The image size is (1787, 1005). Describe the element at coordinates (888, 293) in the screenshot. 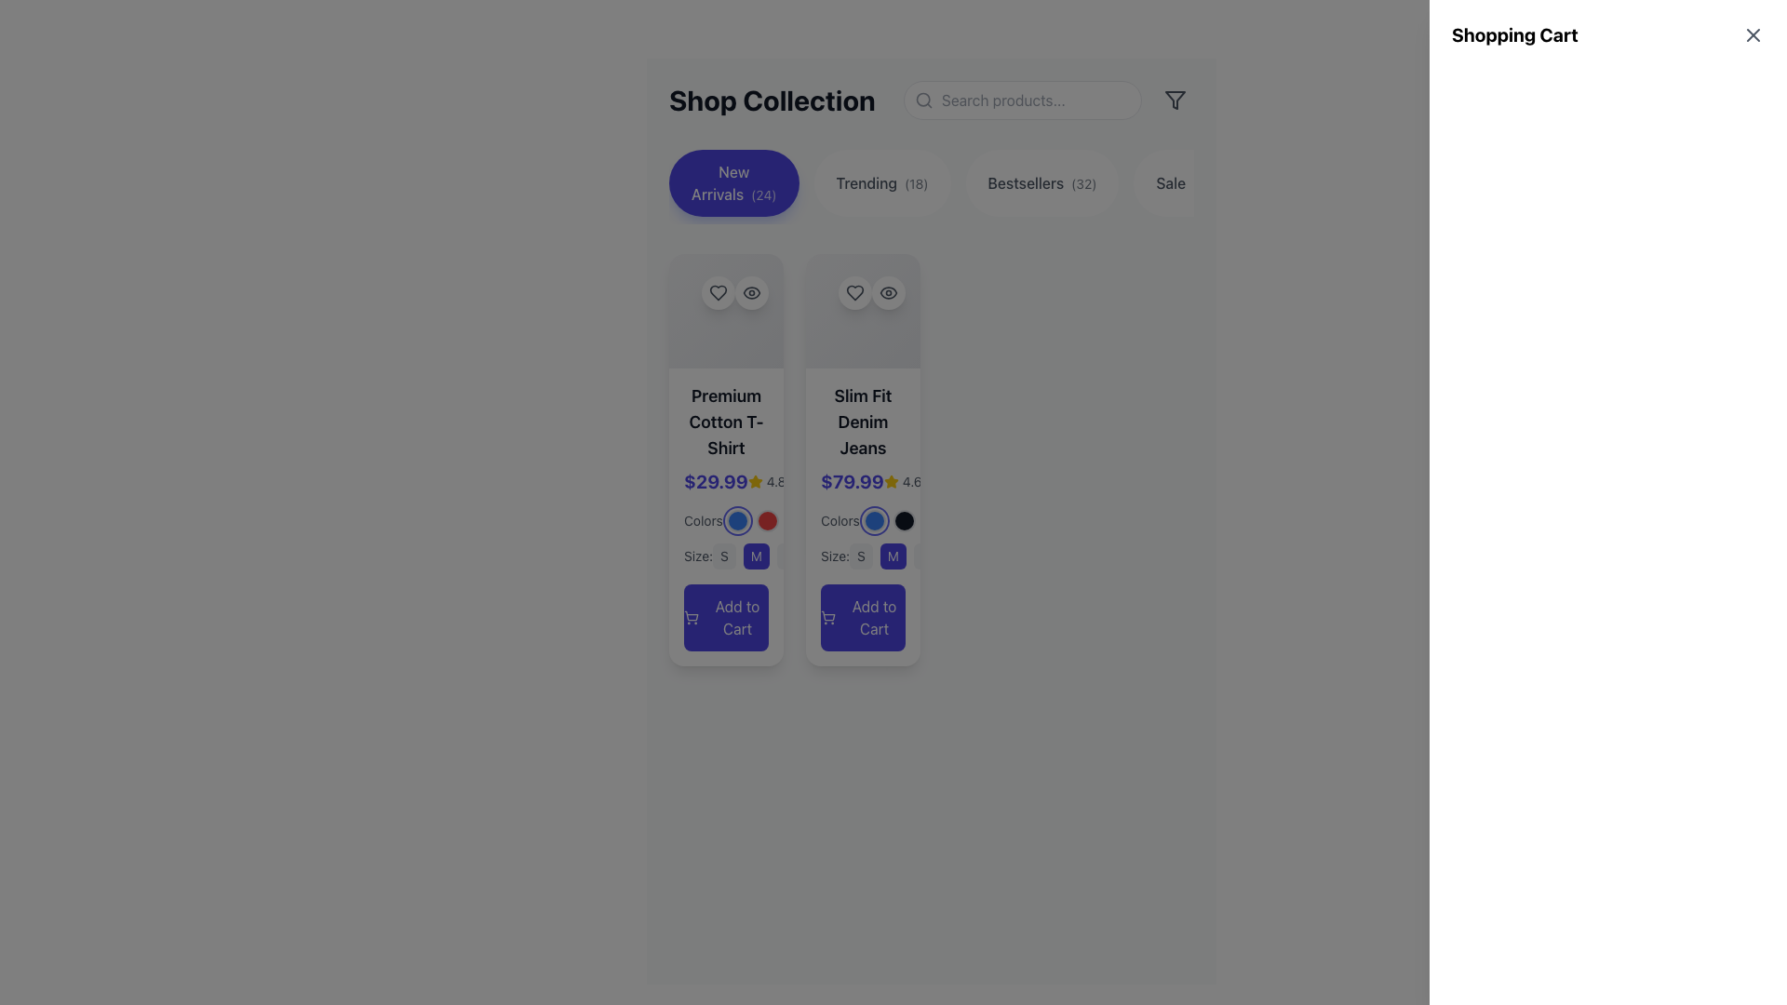

I see `the eye-shaped icon element representing visibility in the Slim Fit Denim Jeans section, located near the top-right of the product card` at that location.